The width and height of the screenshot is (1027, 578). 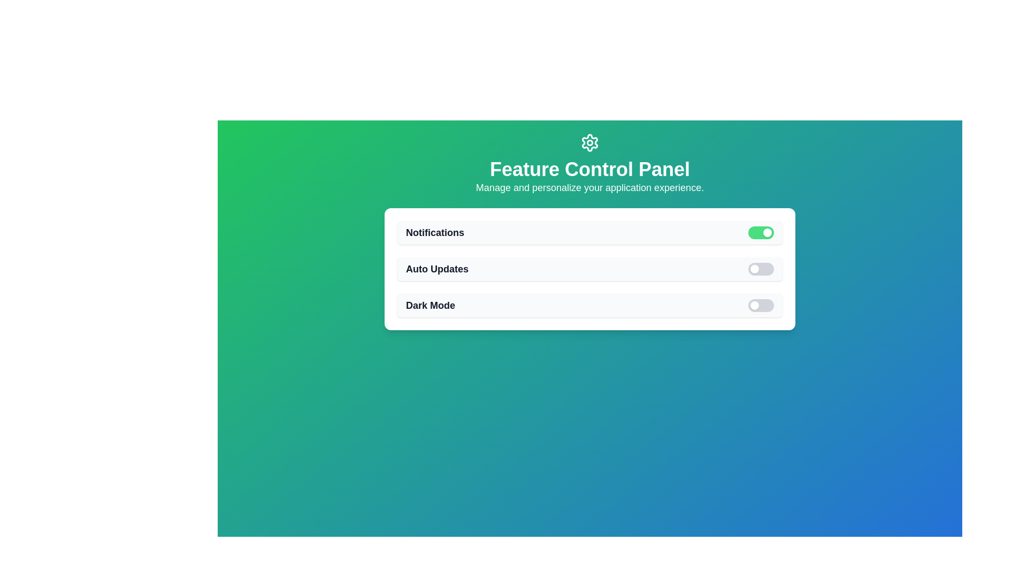 I want to click on the 'Dark Mode' text label which is styled in a large, bold font and serves as the identifier for its associated toggle switch in the control panel interface, so click(x=431, y=305).